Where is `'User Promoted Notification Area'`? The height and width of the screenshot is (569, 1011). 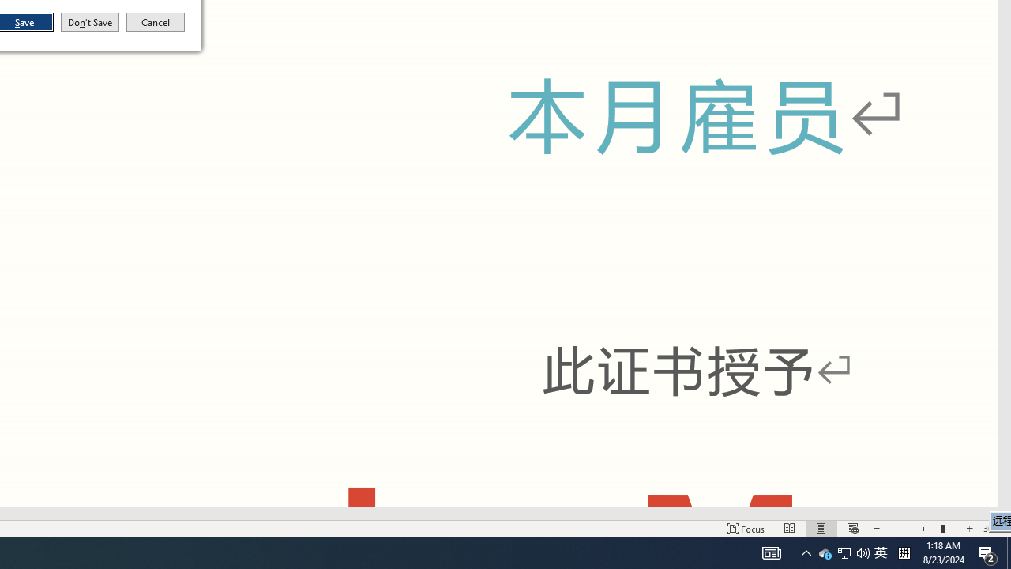 'User Promoted Notification Area' is located at coordinates (843, 552).